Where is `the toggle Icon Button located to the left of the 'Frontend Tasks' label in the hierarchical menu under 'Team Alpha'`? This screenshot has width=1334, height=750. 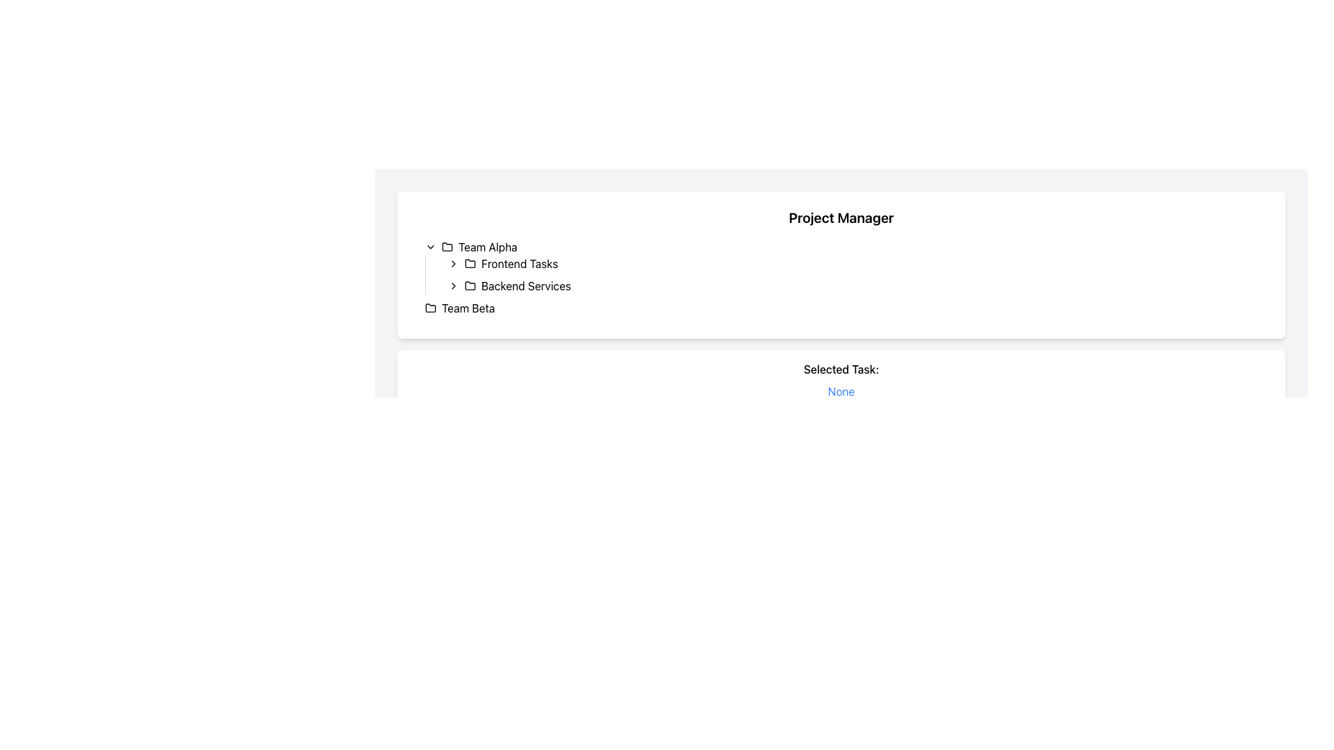
the toggle Icon Button located to the left of the 'Frontend Tasks' label in the hierarchical menu under 'Team Alpha' is located at coordinates (453, 264).